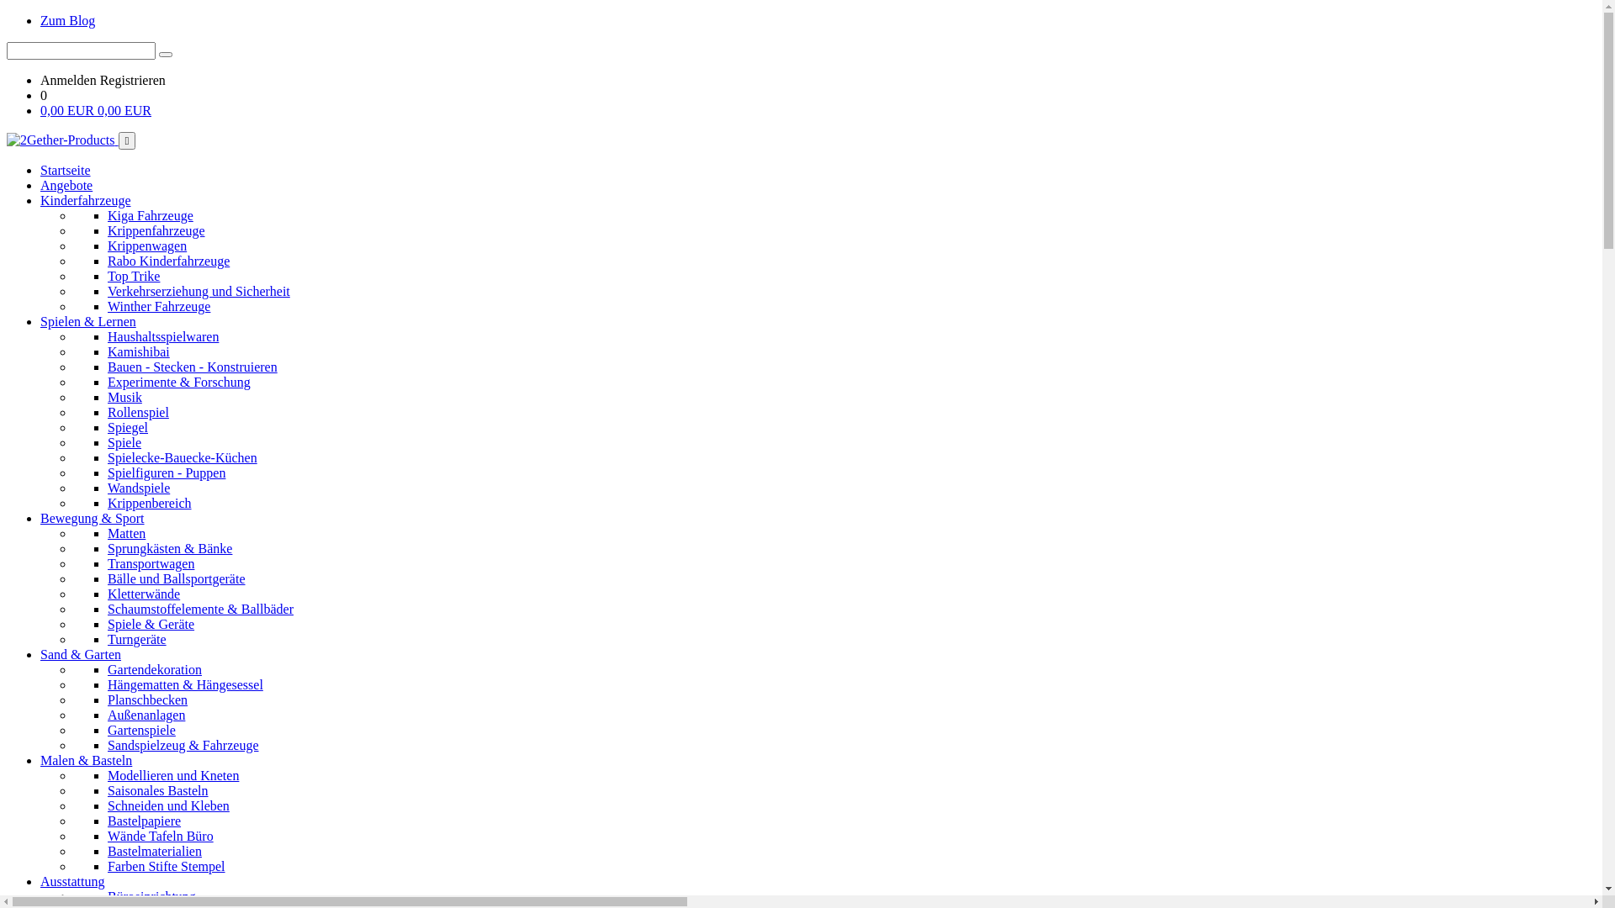  I want to click on 'Schneiden und Kleben', so click(107, 805).